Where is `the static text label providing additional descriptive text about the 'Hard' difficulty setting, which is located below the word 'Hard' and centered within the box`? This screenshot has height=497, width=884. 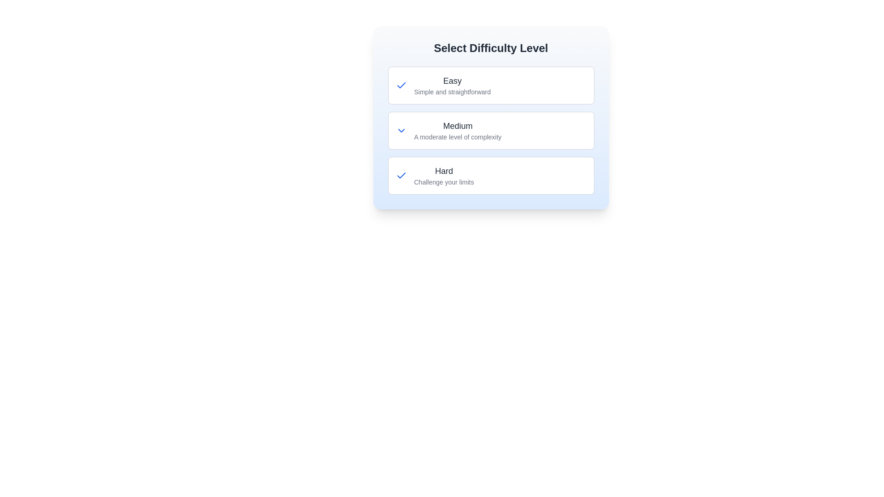
the static text label providing additional descriptive text about the 'Hard' difficulty setting, which is located below the word 'Hard' and centered within the box is located at coordinates (444, 182).